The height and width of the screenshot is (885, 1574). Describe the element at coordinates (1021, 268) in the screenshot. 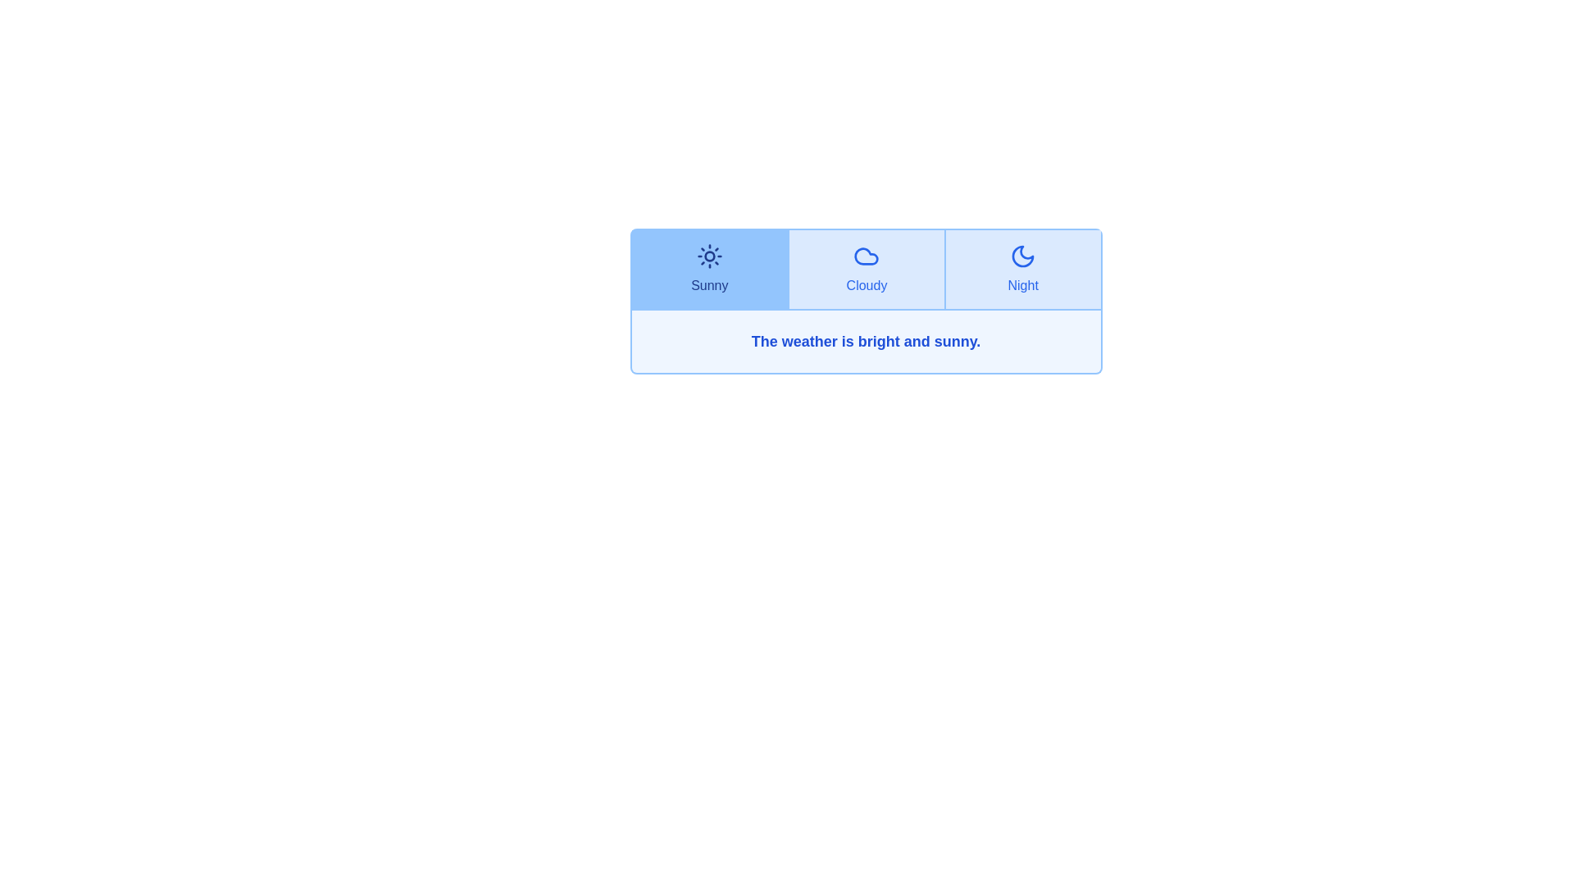

I see `the Night tab` at that location.